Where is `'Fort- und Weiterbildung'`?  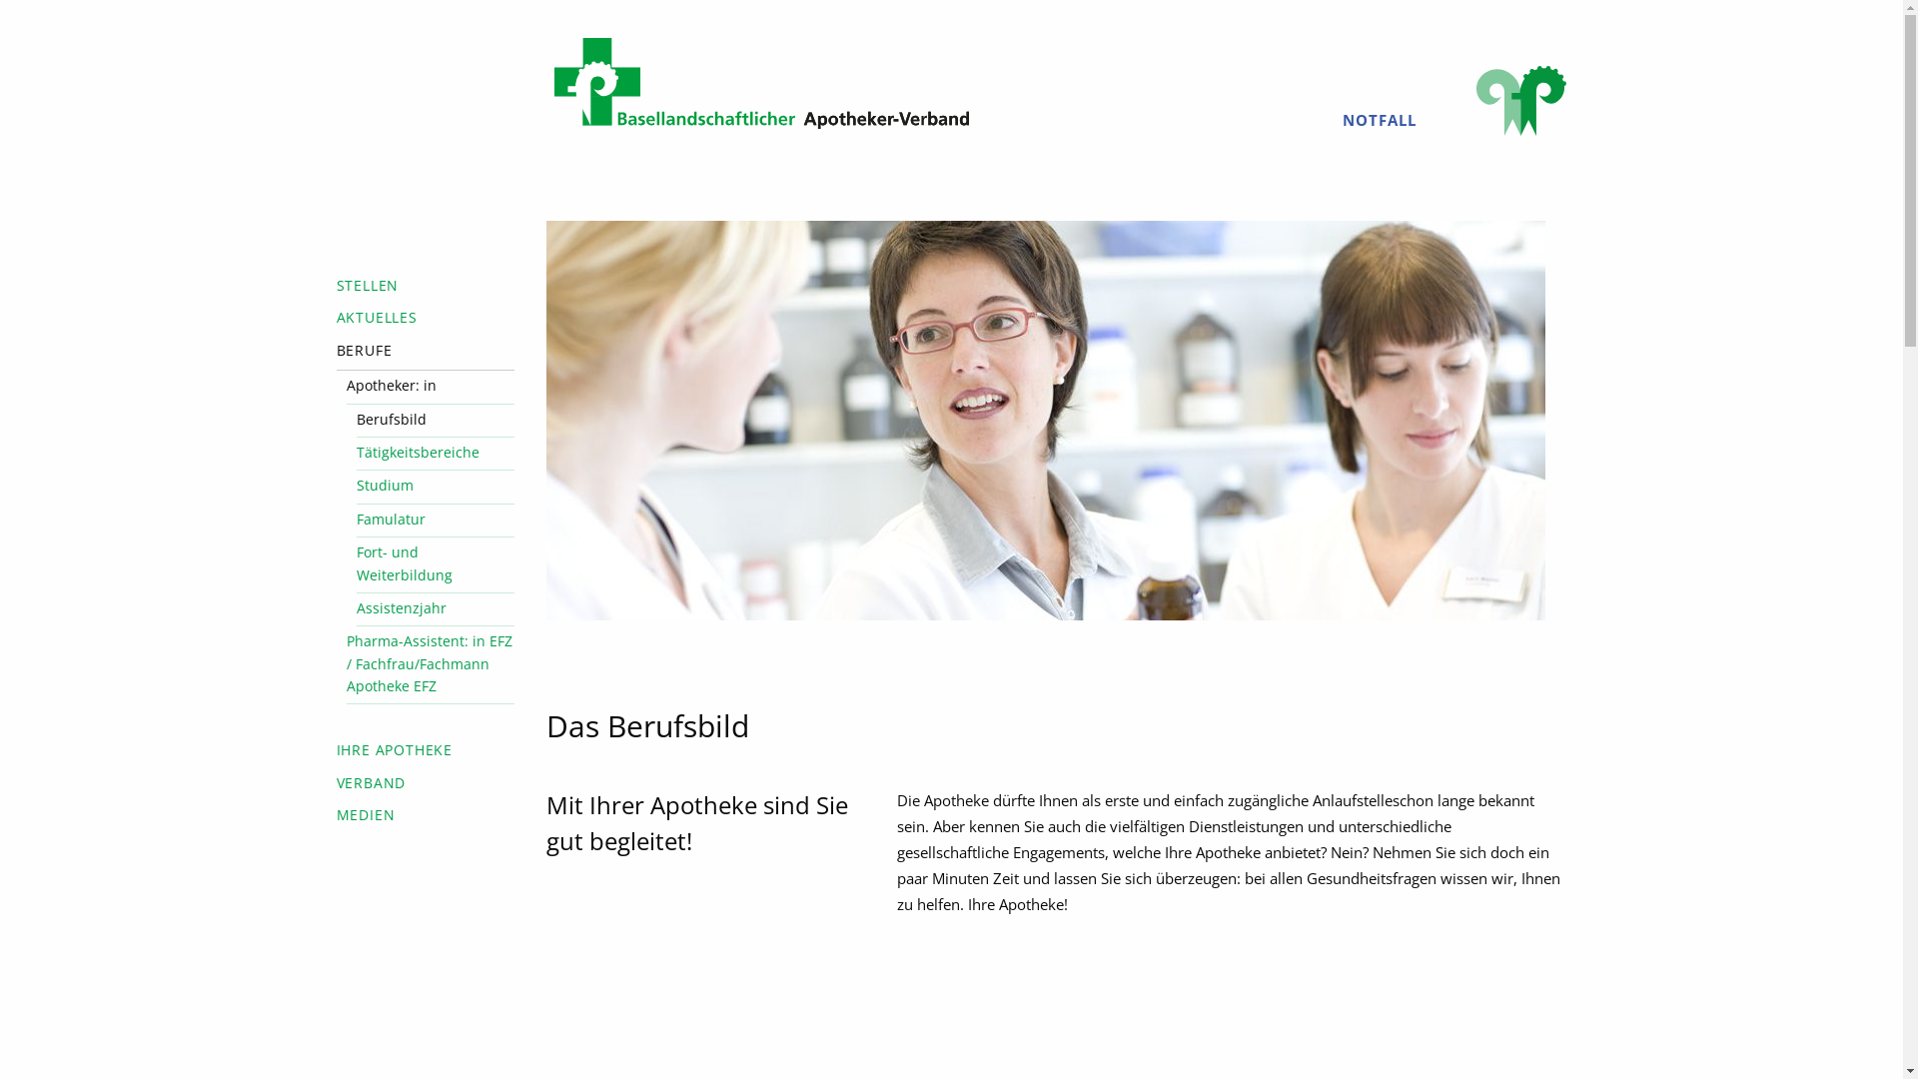
'Fort- und Weiterbildung' is located at coordinates (434, 566).